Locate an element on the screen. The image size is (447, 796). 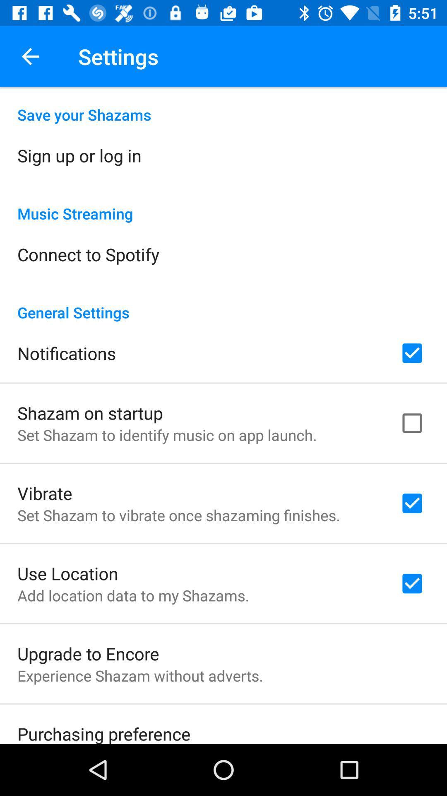
the icon below sign up or item is located at coordinates (223, 205).